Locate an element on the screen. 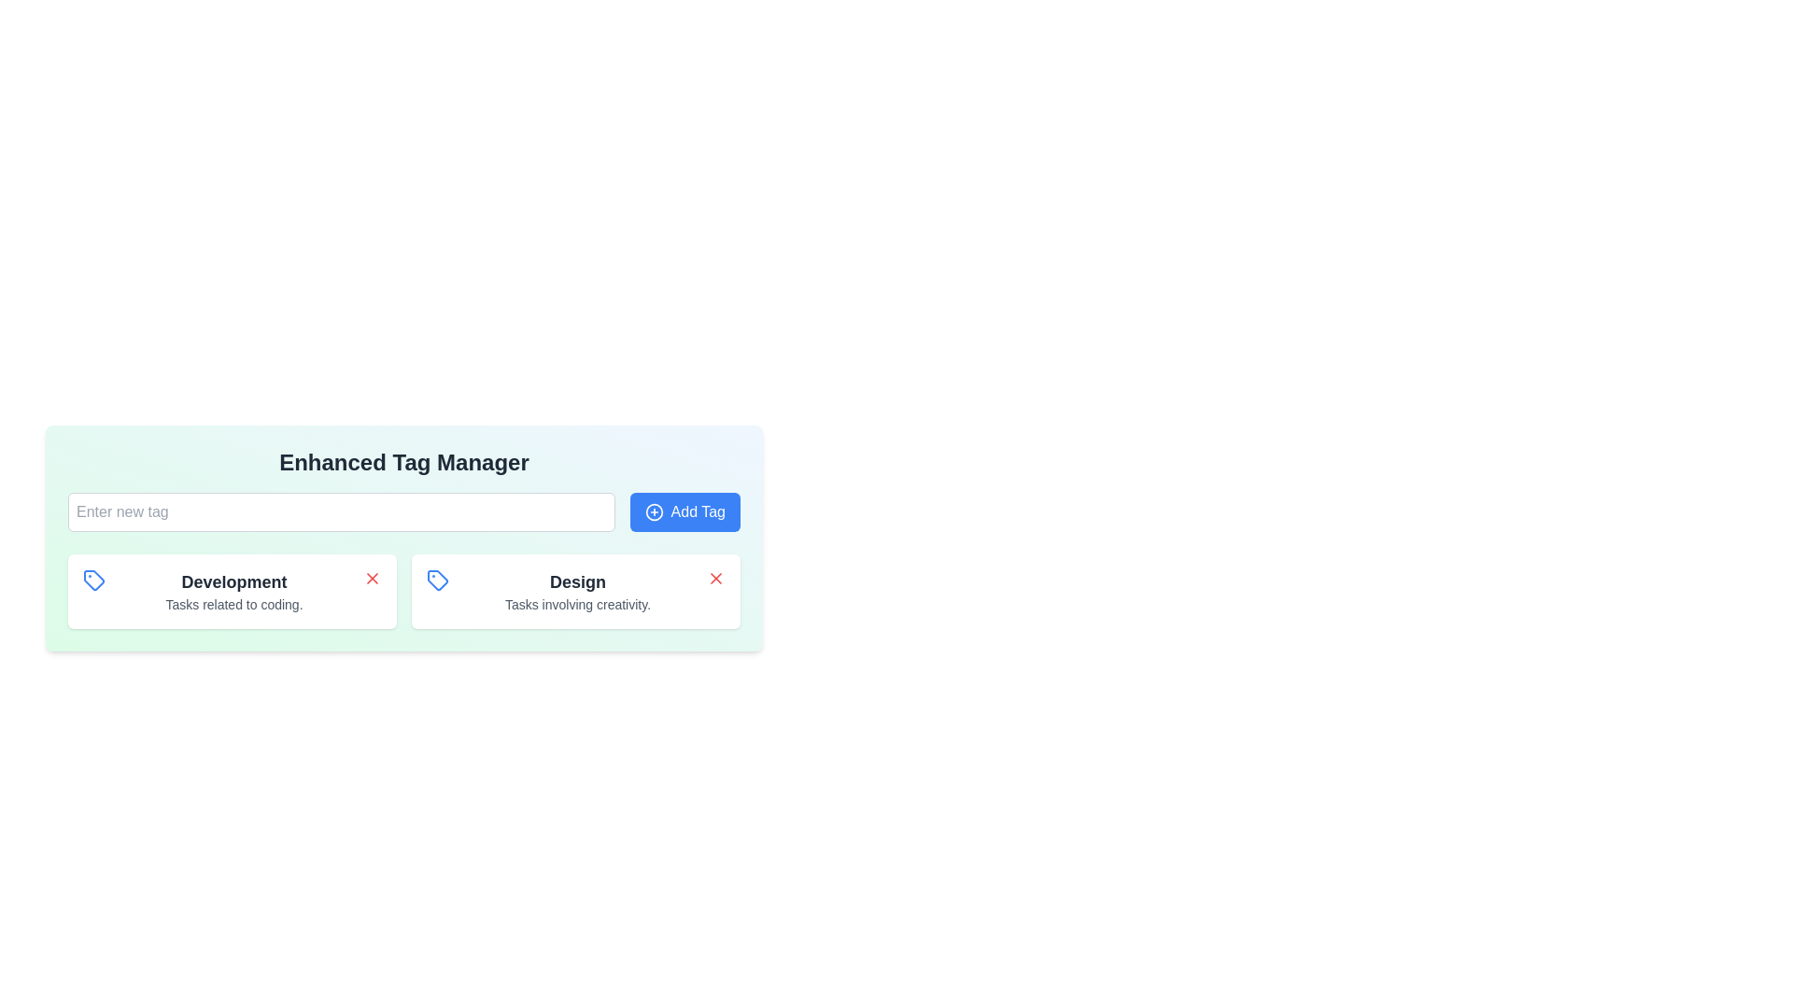 Image resolution: width=1793 pixels, height=1008 pixels. the 'Development' informational card is located at coordinates (232, 591).